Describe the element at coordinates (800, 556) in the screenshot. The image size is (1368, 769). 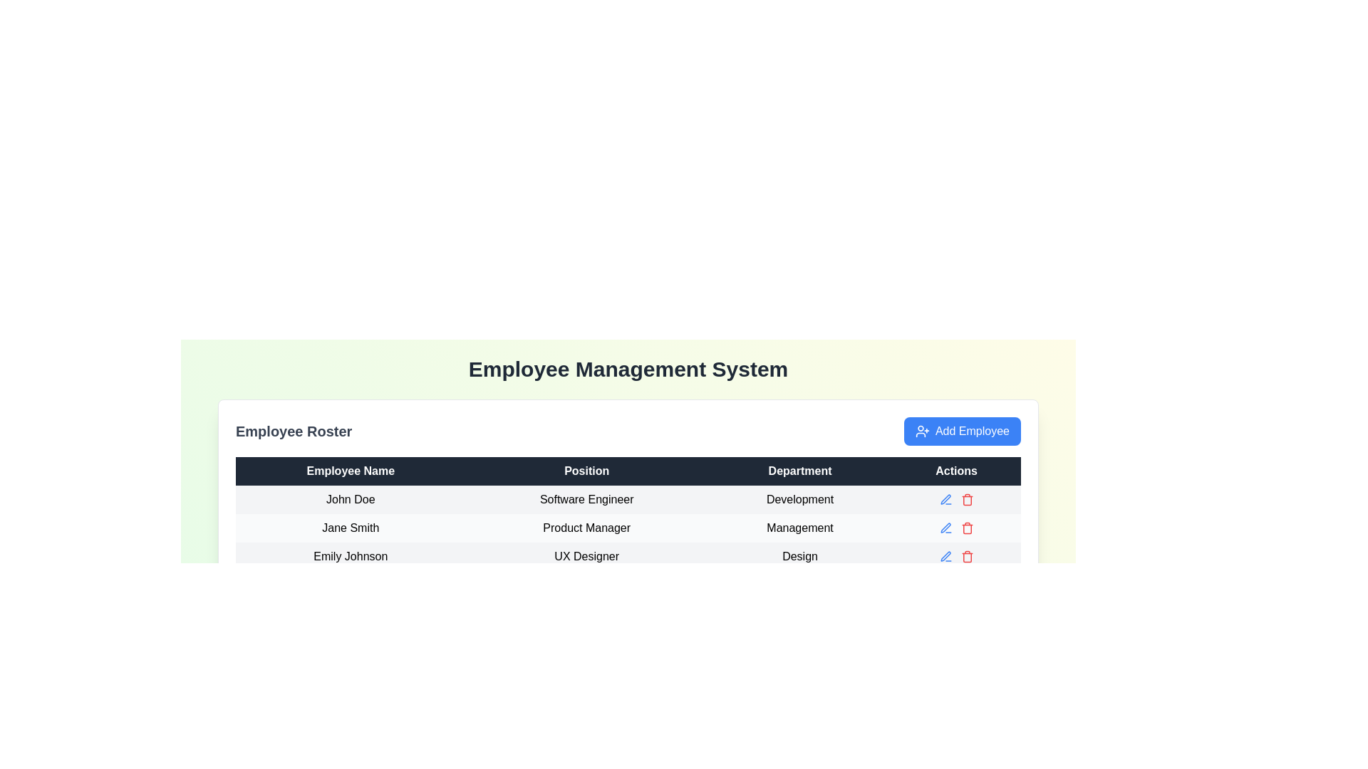
I see `the static text displaying the department 'Design' for employee 'Emily Johnson' in the employee roster table` at that location.